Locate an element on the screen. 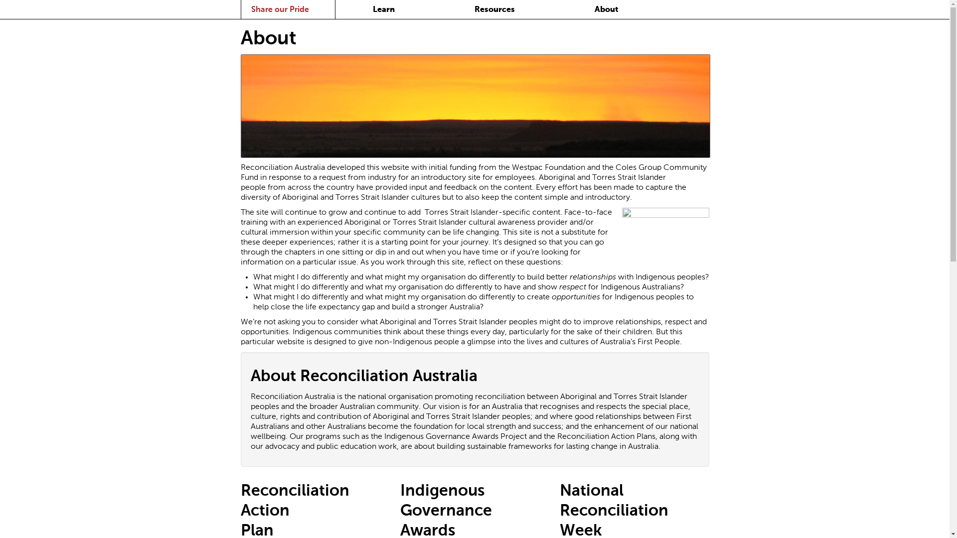 The height and width of the screenshot is (538, 957). 'Share our Pride' is located at coordinates (279, 9).